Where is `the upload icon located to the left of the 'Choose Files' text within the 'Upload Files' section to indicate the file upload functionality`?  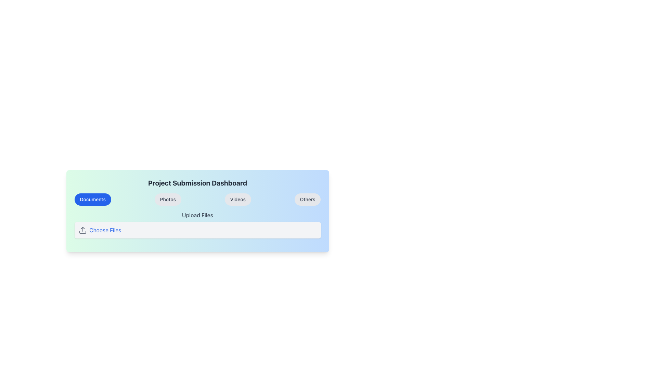 the upload icon located to the left of the 'Choose Files' text within the 'Upload Files' section to indicate the file upload functionality is located at coordinates (82, 230).